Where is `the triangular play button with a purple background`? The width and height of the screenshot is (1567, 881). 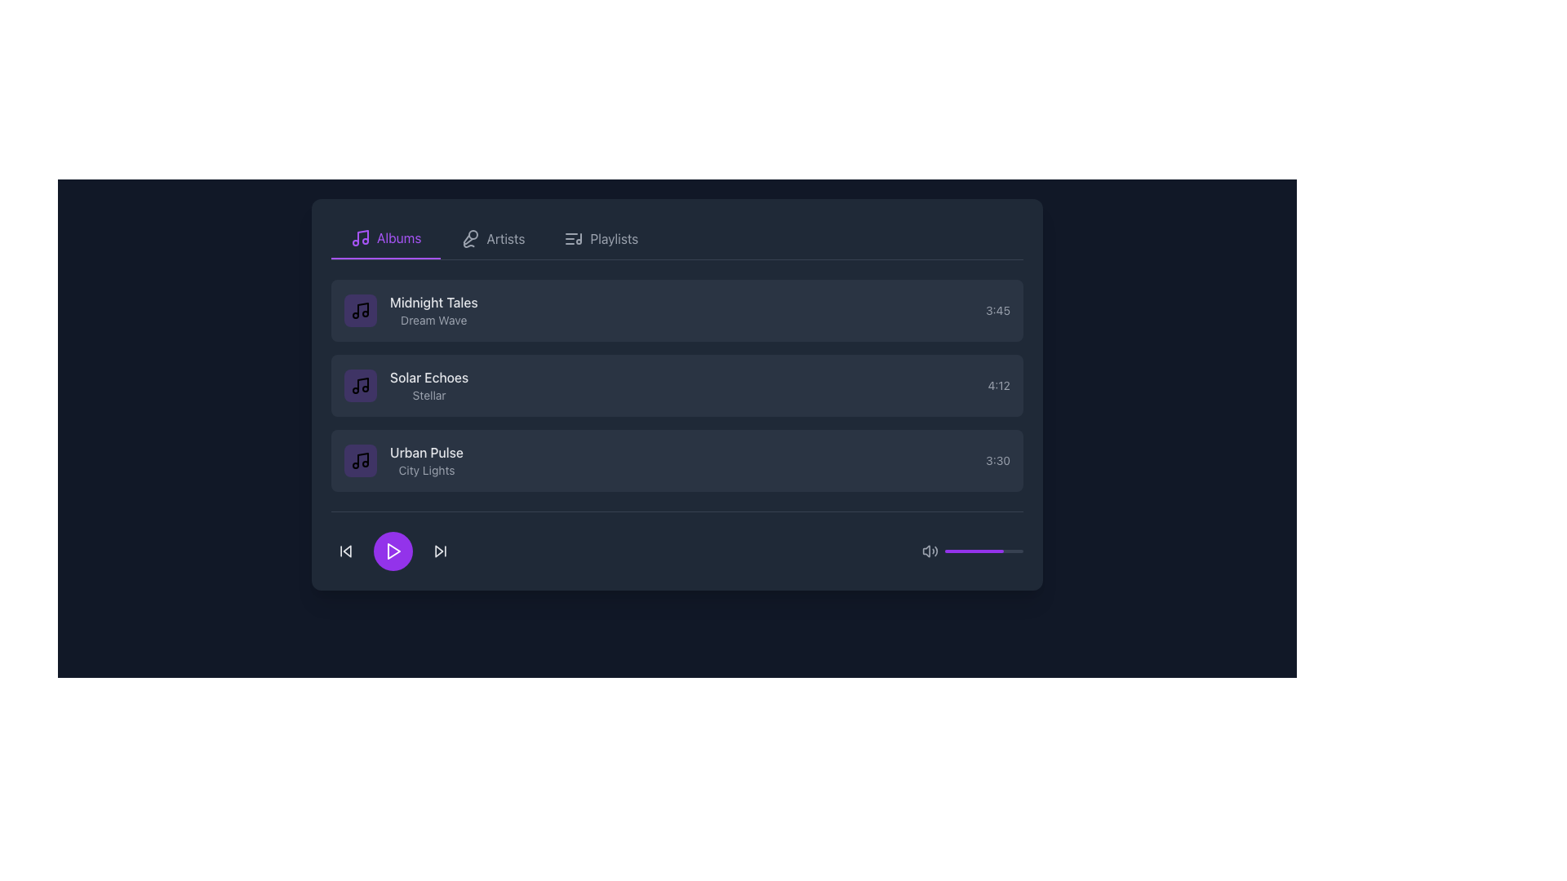 the triangular play button with a purple background is located at coordinates (394, 551).